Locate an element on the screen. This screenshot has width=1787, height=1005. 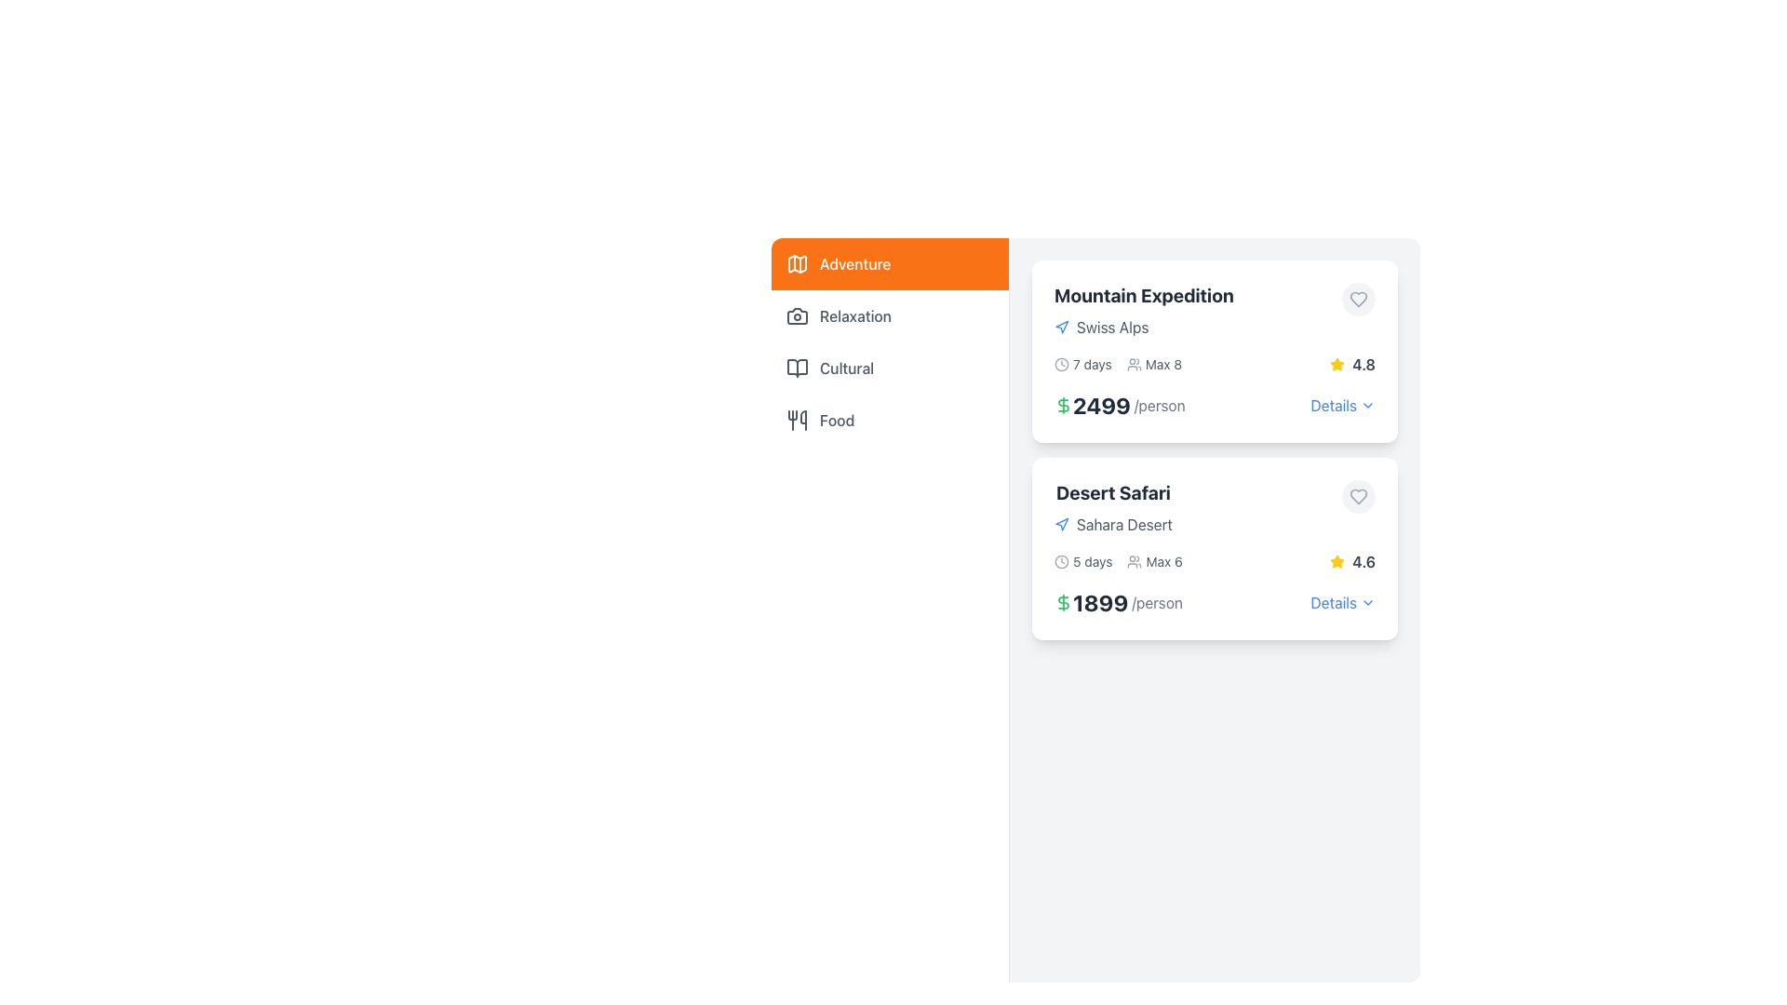
the text label reading '/person,' which is styled in a smaller gray font is located at coordinates (1156, 603).